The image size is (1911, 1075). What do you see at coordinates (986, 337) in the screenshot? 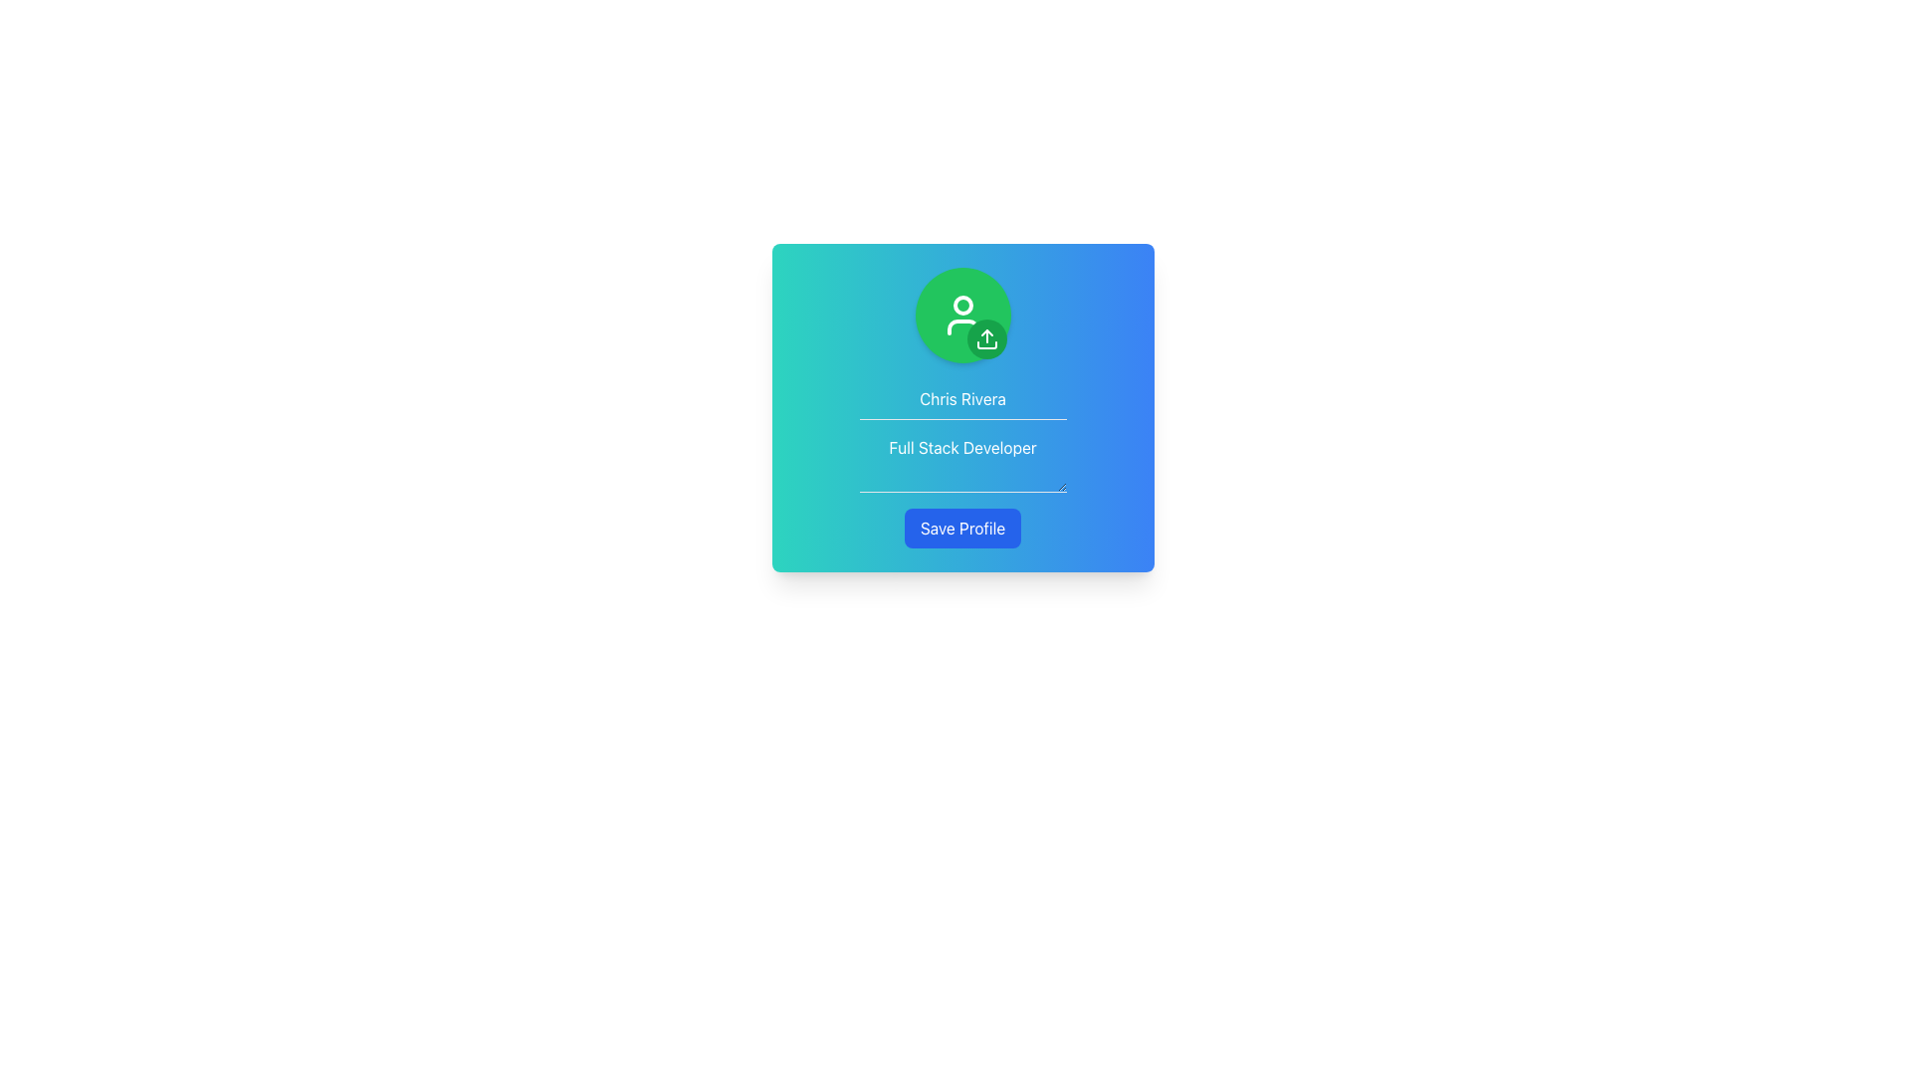
I see `the outlined upward-pointing arrow icon inside a green circular background` at bounding box center [986, 337].